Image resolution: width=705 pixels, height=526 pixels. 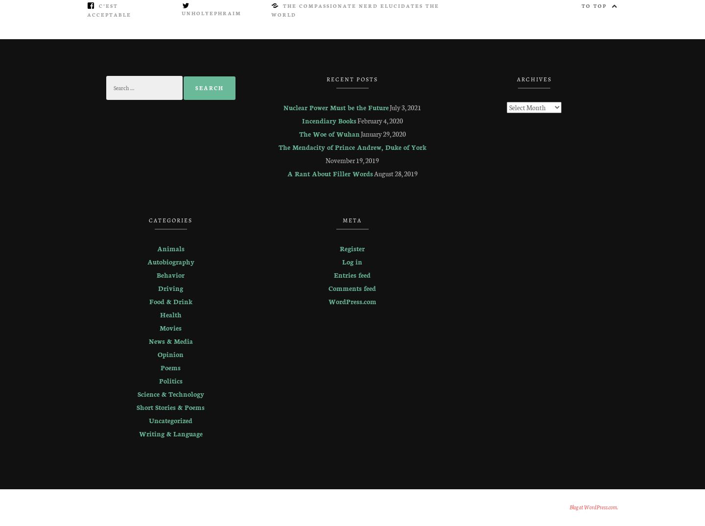 I want to click on 'News & Media', so click(x=170, y=340).